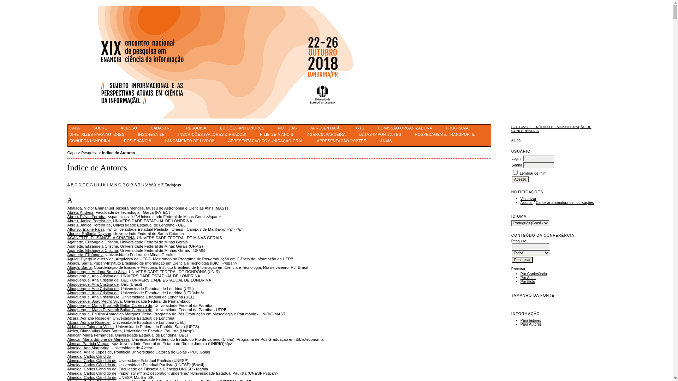  Describe the element at coordinates (516, 140) in the screenshot. I see `'Ajuda'` at that location.